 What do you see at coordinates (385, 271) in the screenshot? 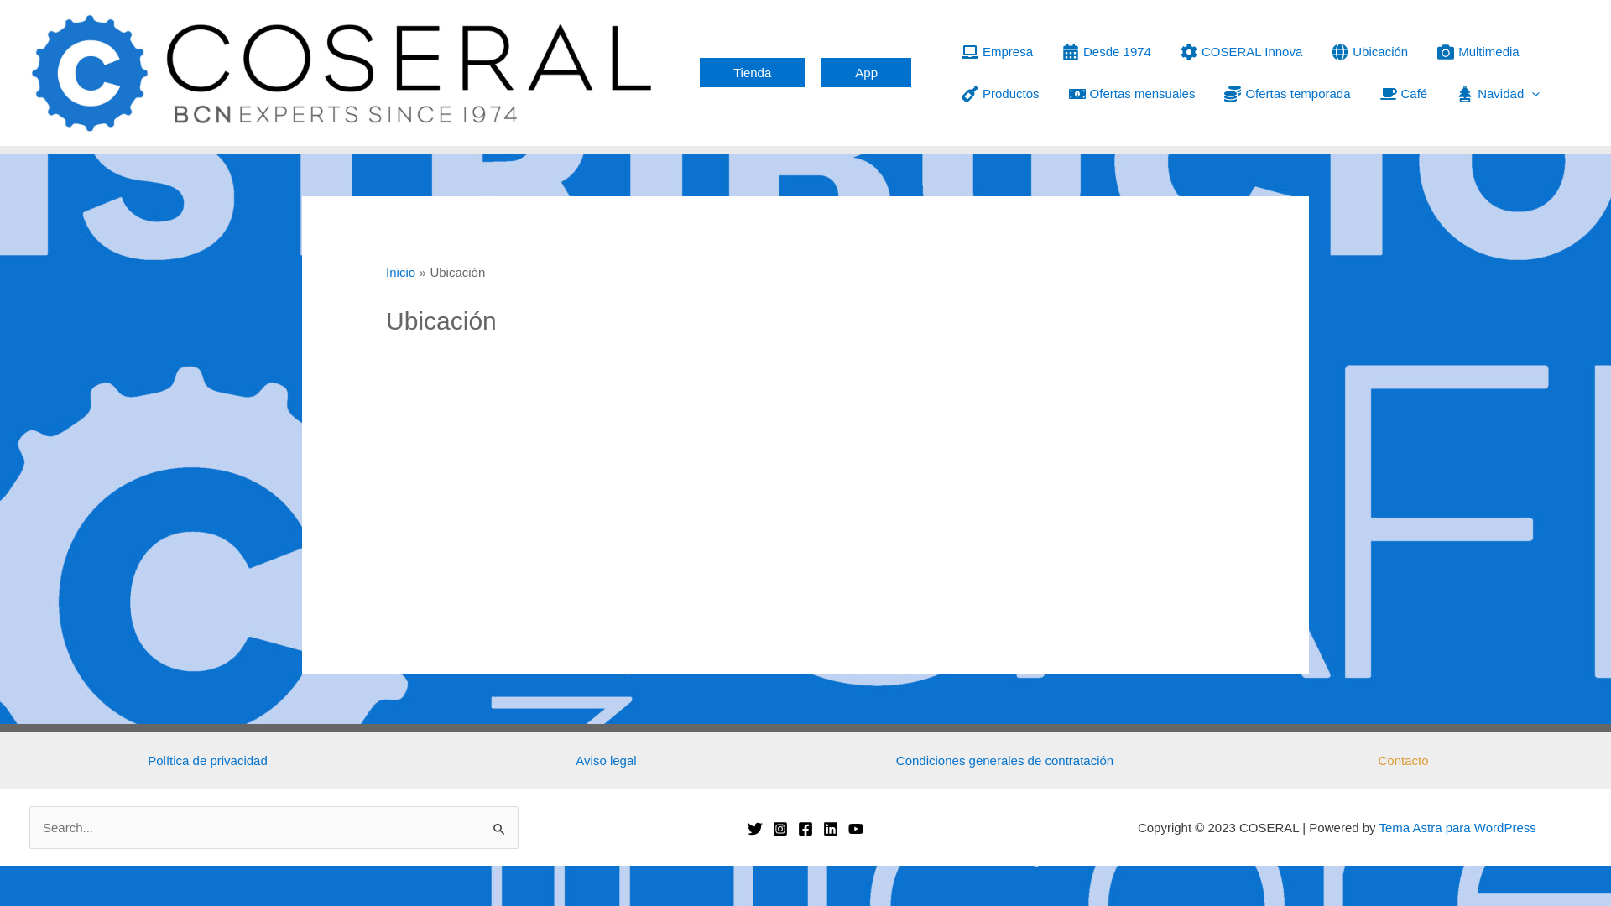
I see `'Inicio'` at bounding box center [385, 271].